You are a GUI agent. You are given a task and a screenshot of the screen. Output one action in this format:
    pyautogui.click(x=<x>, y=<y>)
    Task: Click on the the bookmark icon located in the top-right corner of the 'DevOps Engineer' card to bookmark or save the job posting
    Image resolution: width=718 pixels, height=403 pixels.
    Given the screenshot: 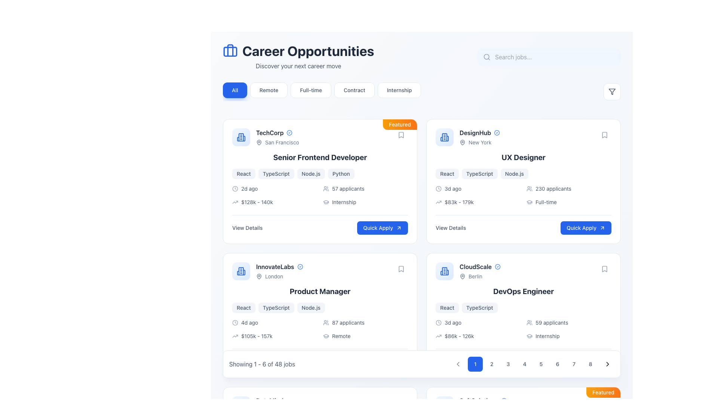 What is the action you would take?
    pyautogui.click(x=605, y=269)
    